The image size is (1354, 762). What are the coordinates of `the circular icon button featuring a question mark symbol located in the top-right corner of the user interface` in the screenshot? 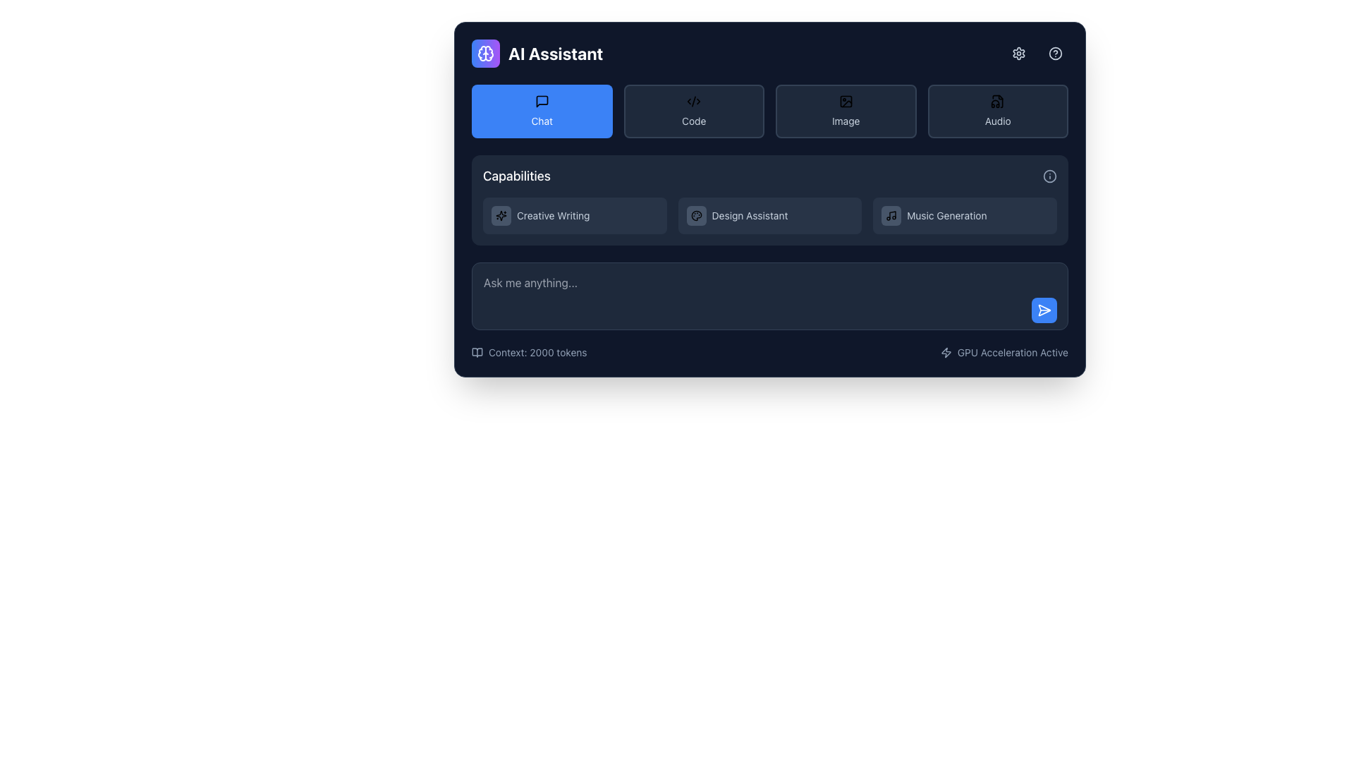 It's located at (1056, 53).